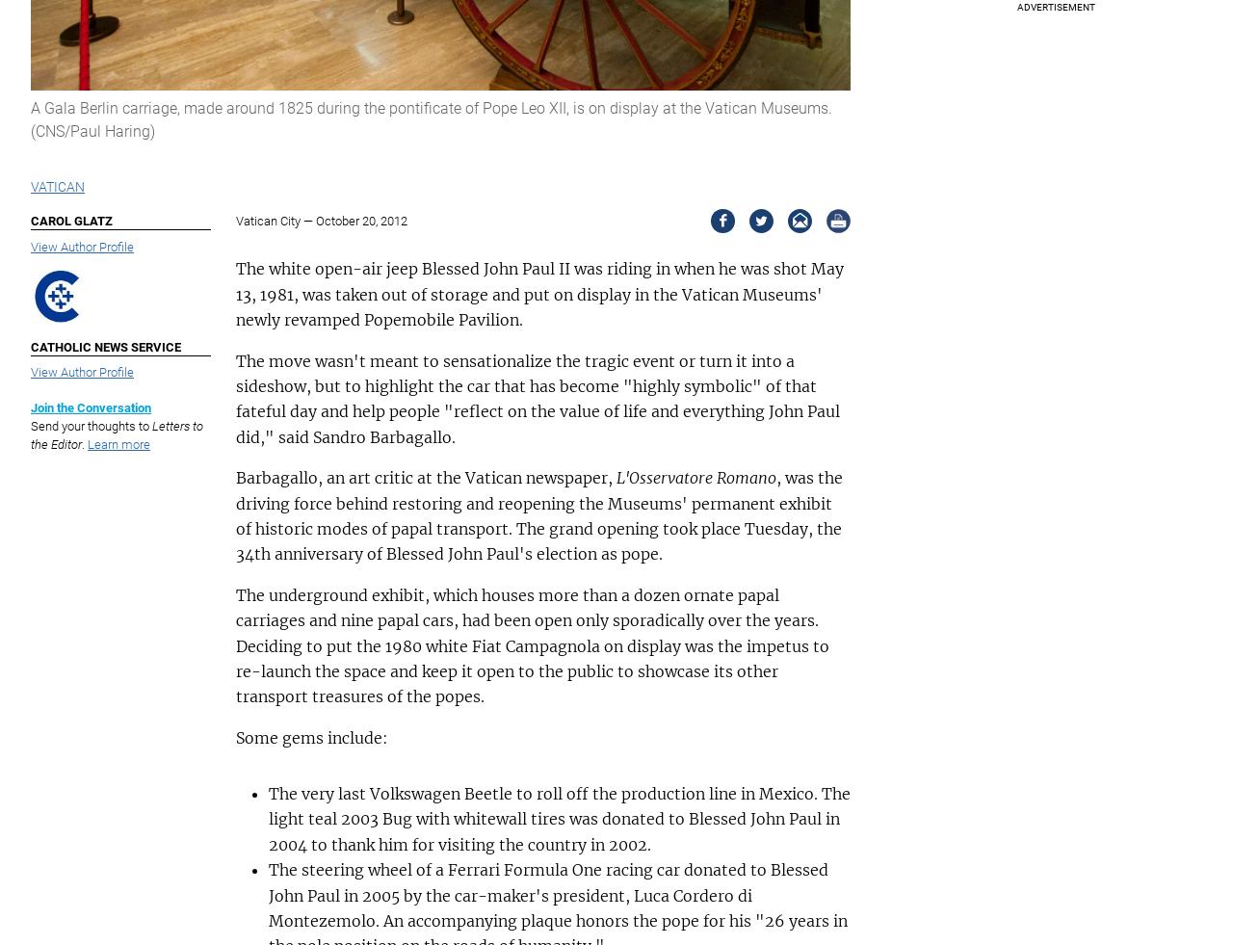 The height and width of the screenshot is (945, 1233). I want to click on 'Some gems include:', so click(310, 736).